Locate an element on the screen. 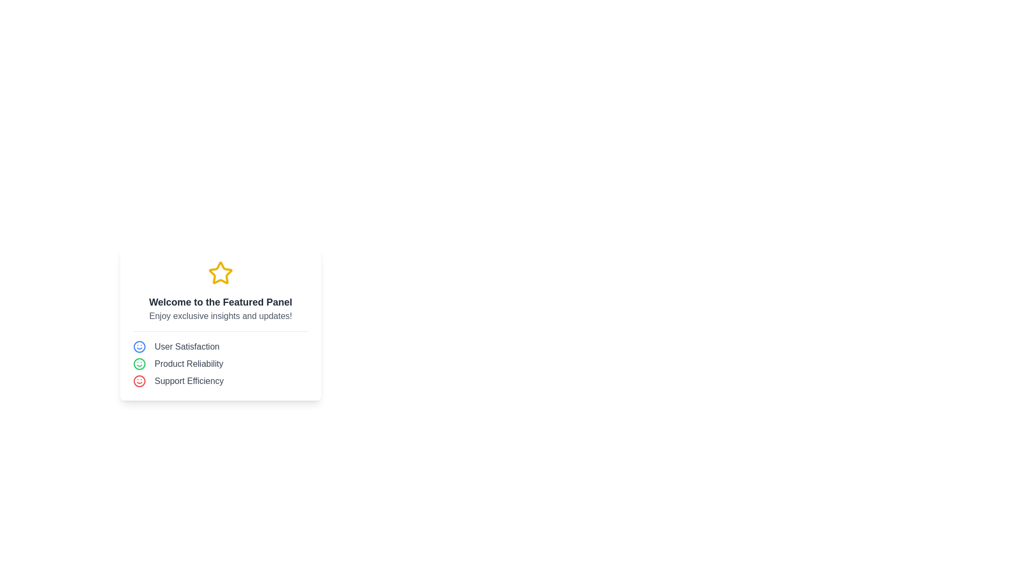  the central circular component of the smiling face icon with a green outline, located below the main heading panel is located at coordinates (139, 363).